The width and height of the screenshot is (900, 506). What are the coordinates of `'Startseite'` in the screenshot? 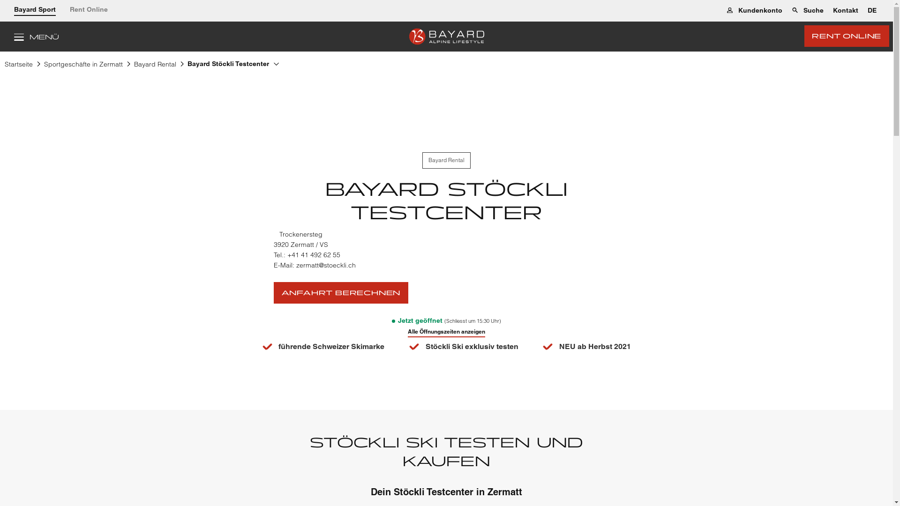 It's located at (18, 66).